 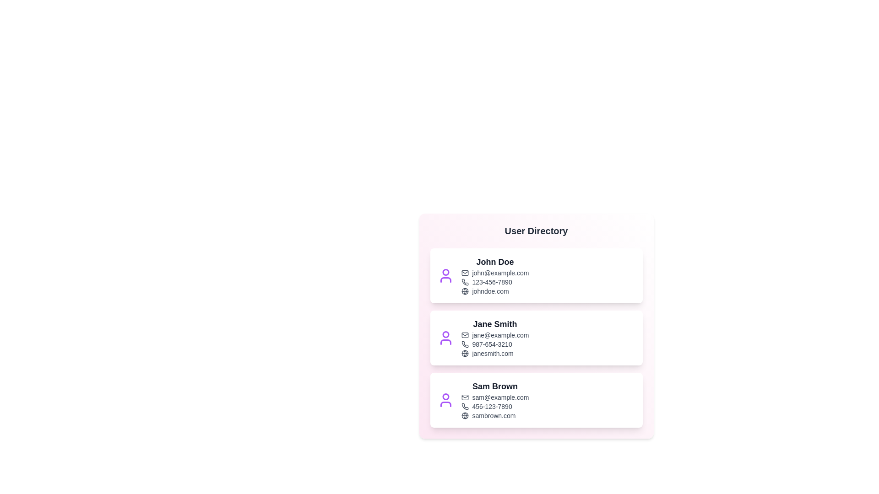 I want to click on the email address of John Doe, so click(x=494, y=273).